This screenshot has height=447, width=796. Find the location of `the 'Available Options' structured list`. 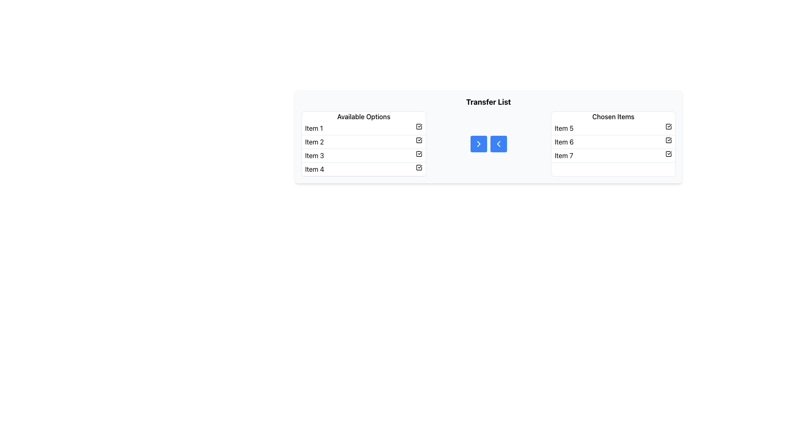

the 'Available Options' structured list is located at coordinates (364, 143).